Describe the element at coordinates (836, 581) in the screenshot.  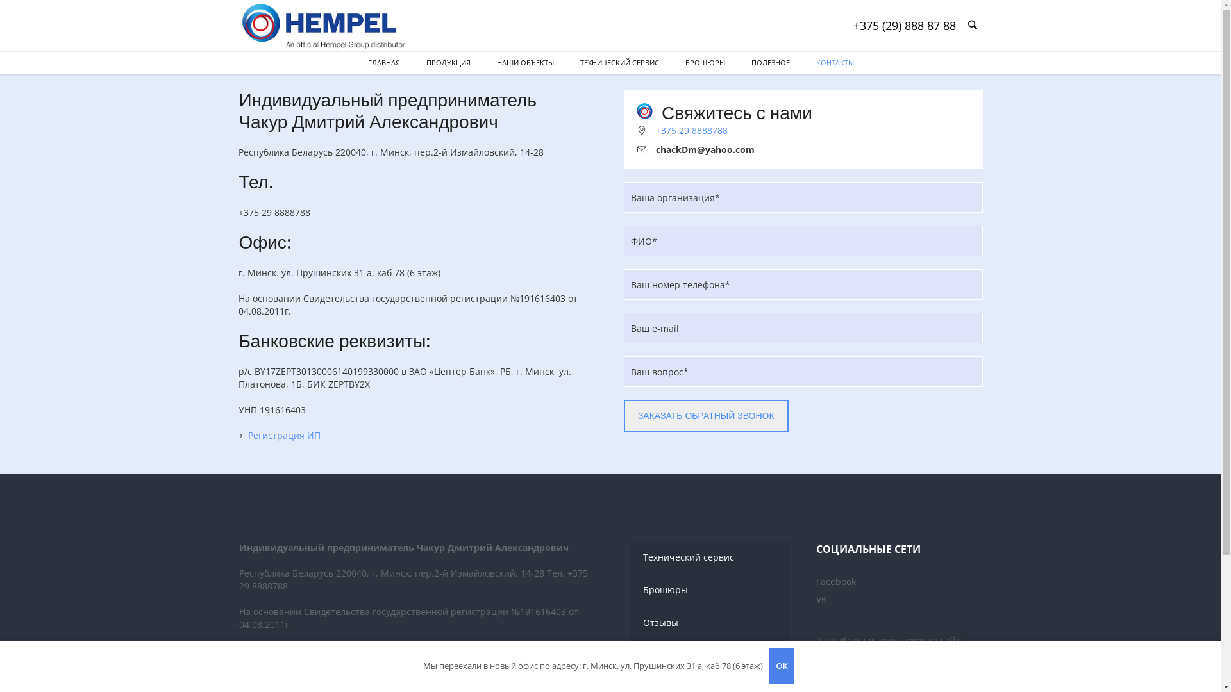
I see `'Facebook'` at that location.